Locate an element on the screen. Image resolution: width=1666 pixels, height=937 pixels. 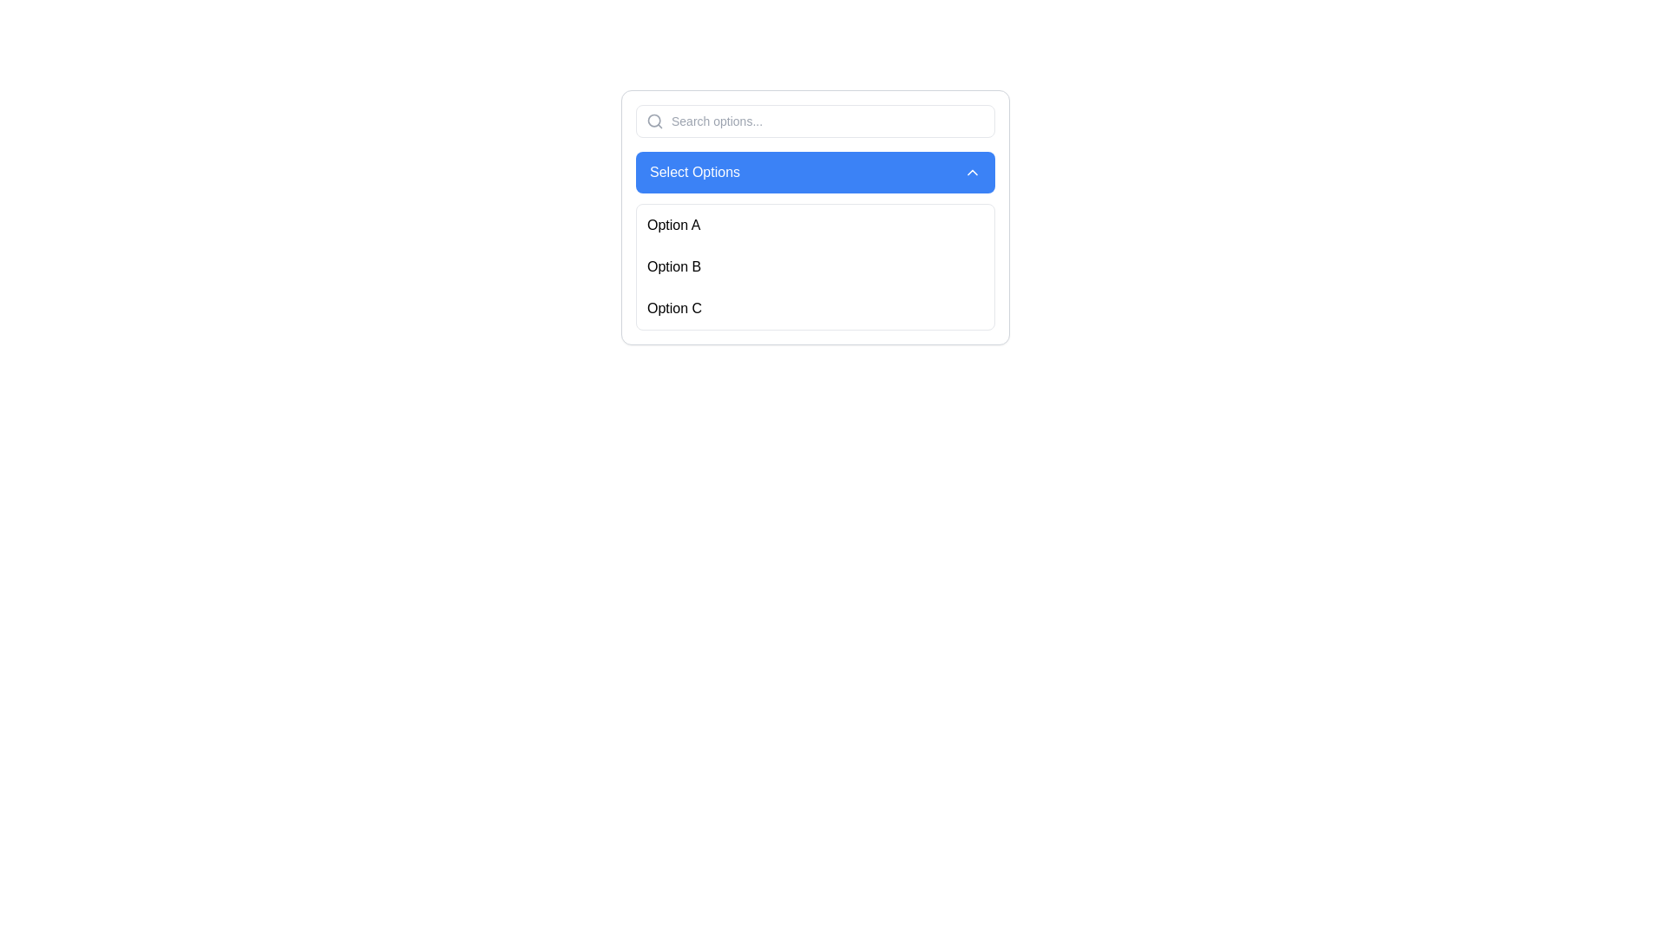
the dropdown toggle button located below the search input field and above the list of options is located at coordinates (815, 173).